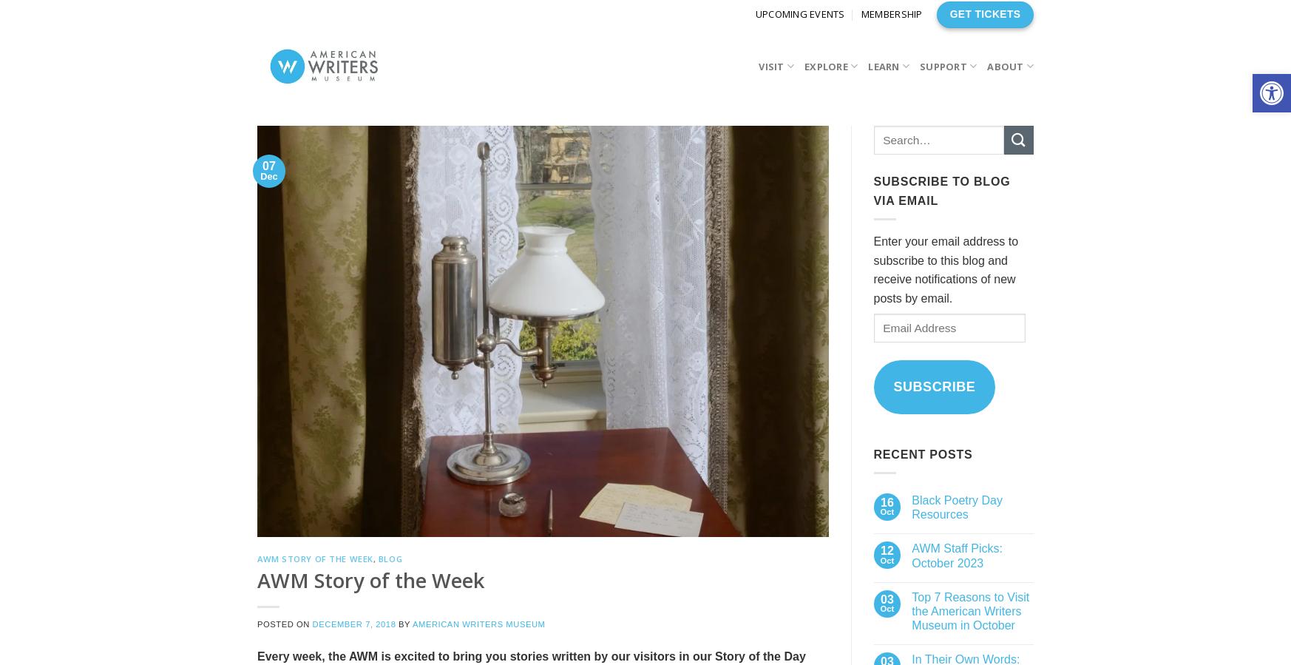 The width and height of the screenshot is (1291, 665). What do you see at coordinates (799, 13) in the screenshot?
I see `'Upcoming Events'` at bounding box center [799, 13].